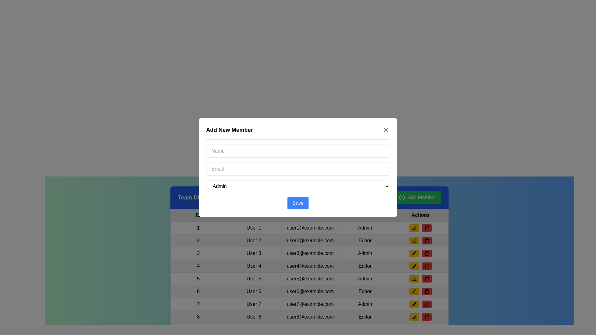  Describe the element at coordinates (198, 317) in the screenshot. I see `the first cell in the eighth row of the table, which displays the ID or number corresponding to a specific entry or user` at that location.